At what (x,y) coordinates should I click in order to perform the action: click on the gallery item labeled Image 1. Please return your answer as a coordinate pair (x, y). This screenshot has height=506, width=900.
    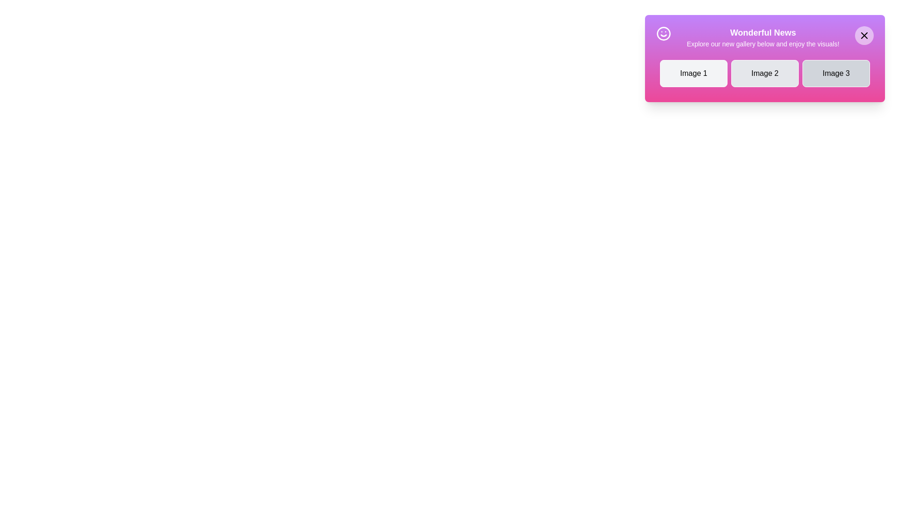
    Looking at the image, I should click on (693, 73).